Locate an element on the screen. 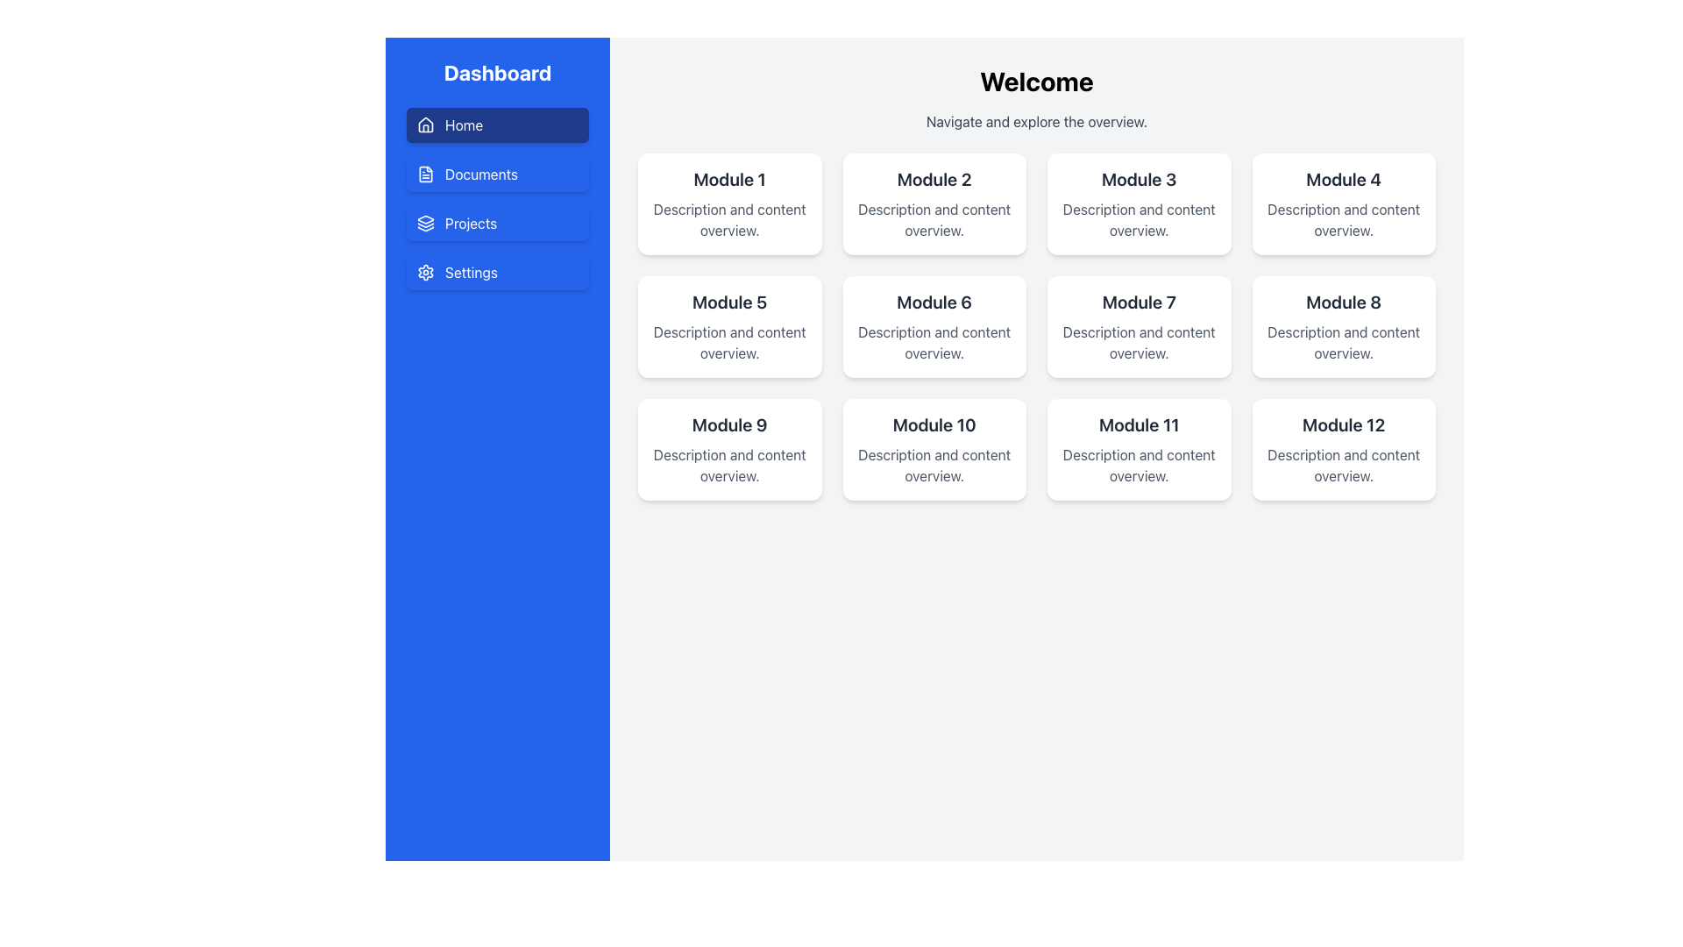 Image resolution: width=1683 pixels, height=947 pixels. the 'Module 9' text label, which is styled with a larger font size, bold weight, and dark gray color, located in the third row and first column of the grid layout is located at coordinates (729, 425).